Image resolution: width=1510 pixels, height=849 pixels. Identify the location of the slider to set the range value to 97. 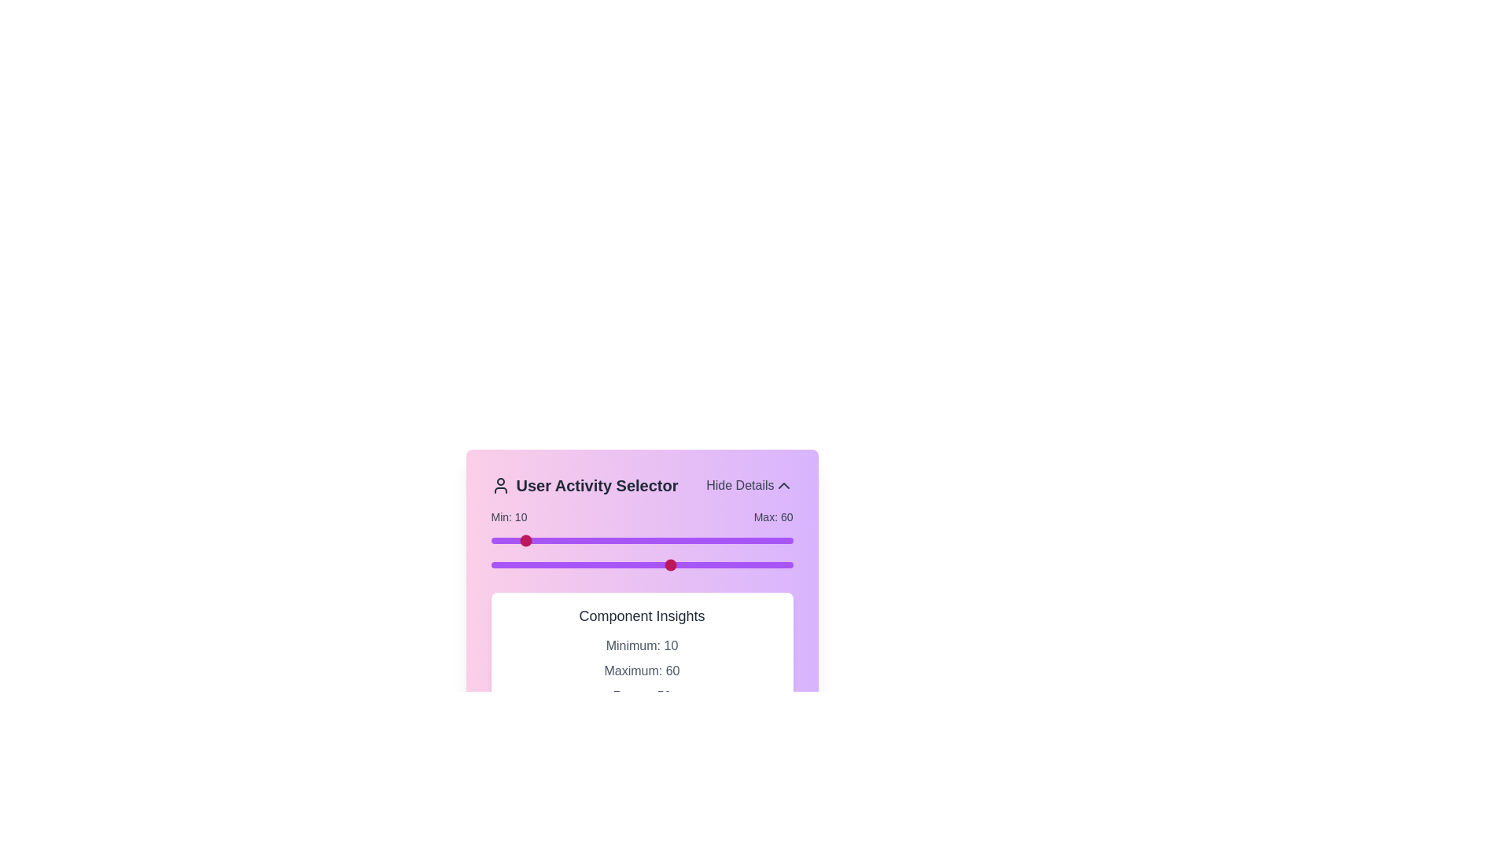
(784, 539).